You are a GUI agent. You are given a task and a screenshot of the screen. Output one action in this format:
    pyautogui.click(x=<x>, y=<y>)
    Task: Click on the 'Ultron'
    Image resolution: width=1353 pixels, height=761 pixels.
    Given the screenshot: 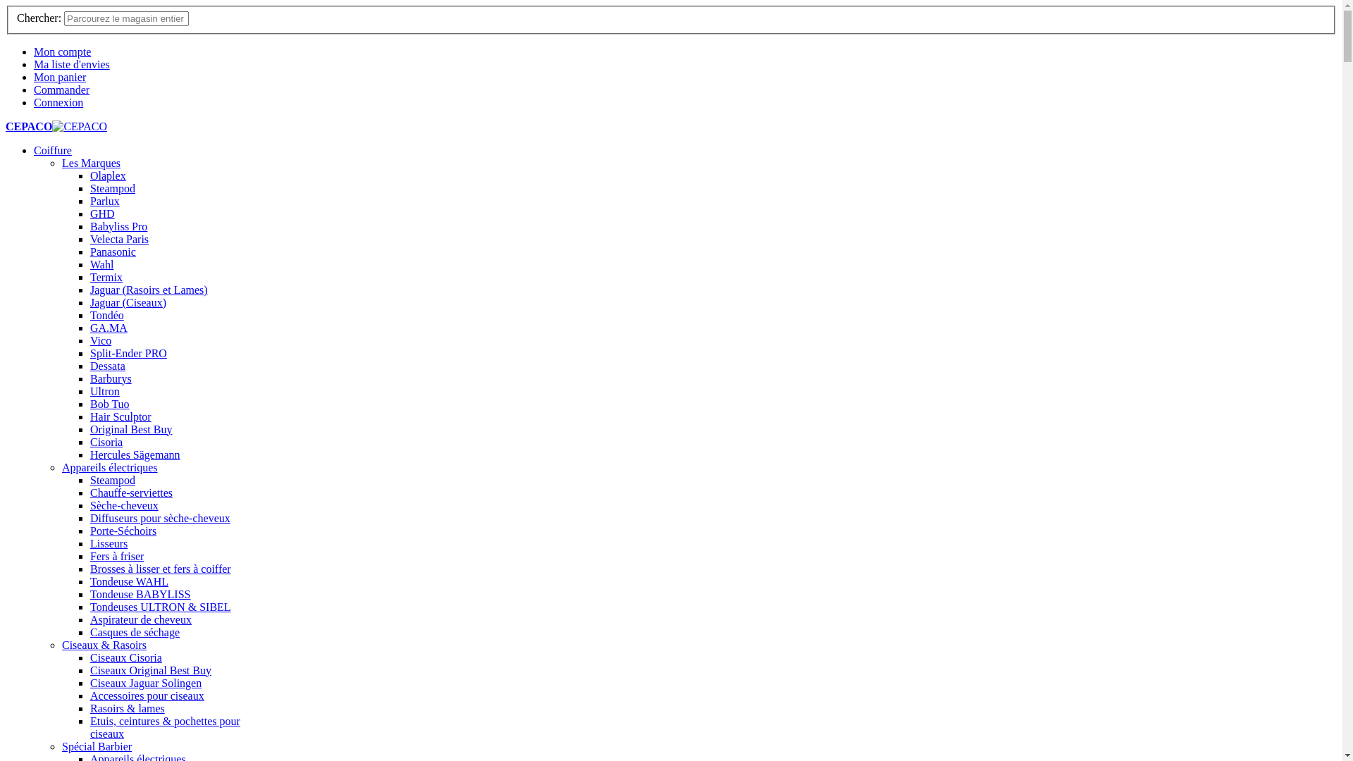 What is the action you would take?
    pyautogui.click(x=104, y=391)
    